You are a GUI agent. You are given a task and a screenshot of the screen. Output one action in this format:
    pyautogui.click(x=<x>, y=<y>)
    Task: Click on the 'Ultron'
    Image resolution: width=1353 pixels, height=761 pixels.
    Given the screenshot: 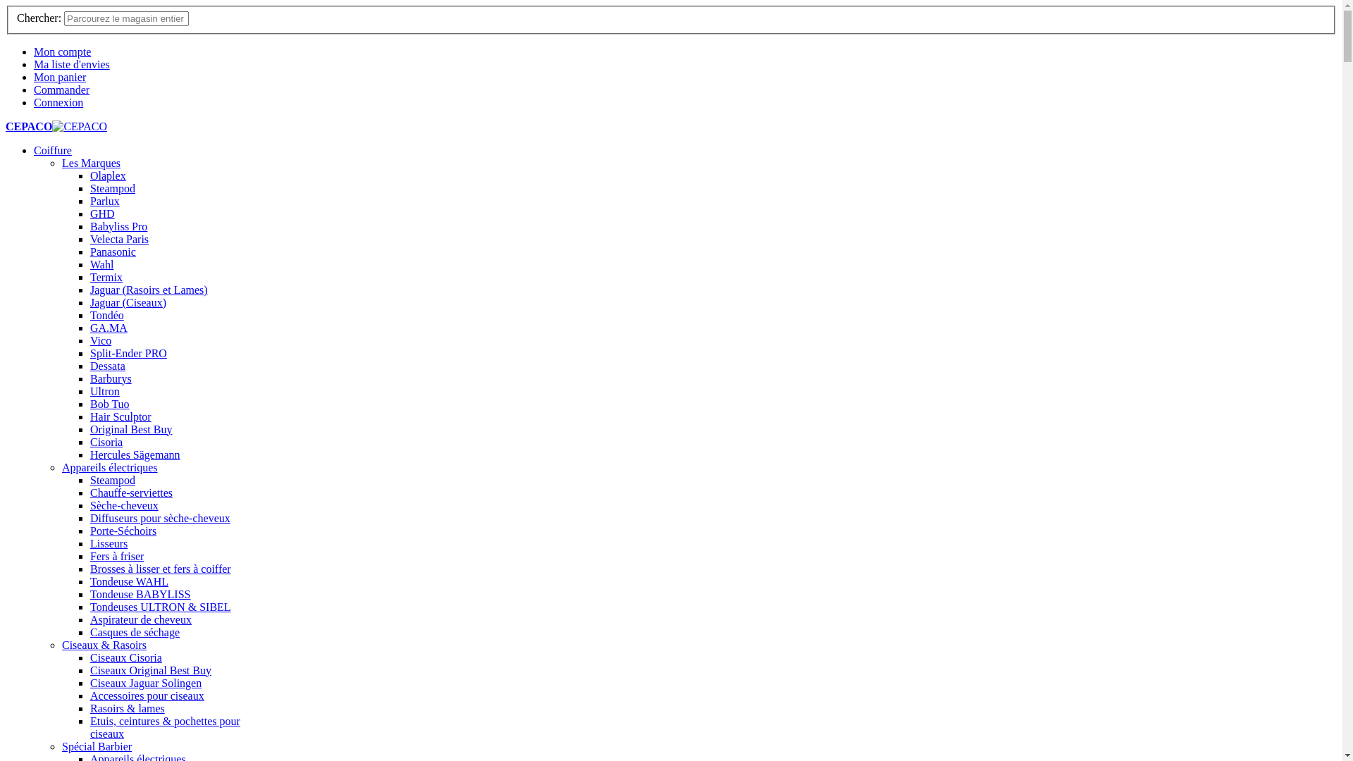 What is the action you would take?
    pyautogui.click(x=104, y=391)
    